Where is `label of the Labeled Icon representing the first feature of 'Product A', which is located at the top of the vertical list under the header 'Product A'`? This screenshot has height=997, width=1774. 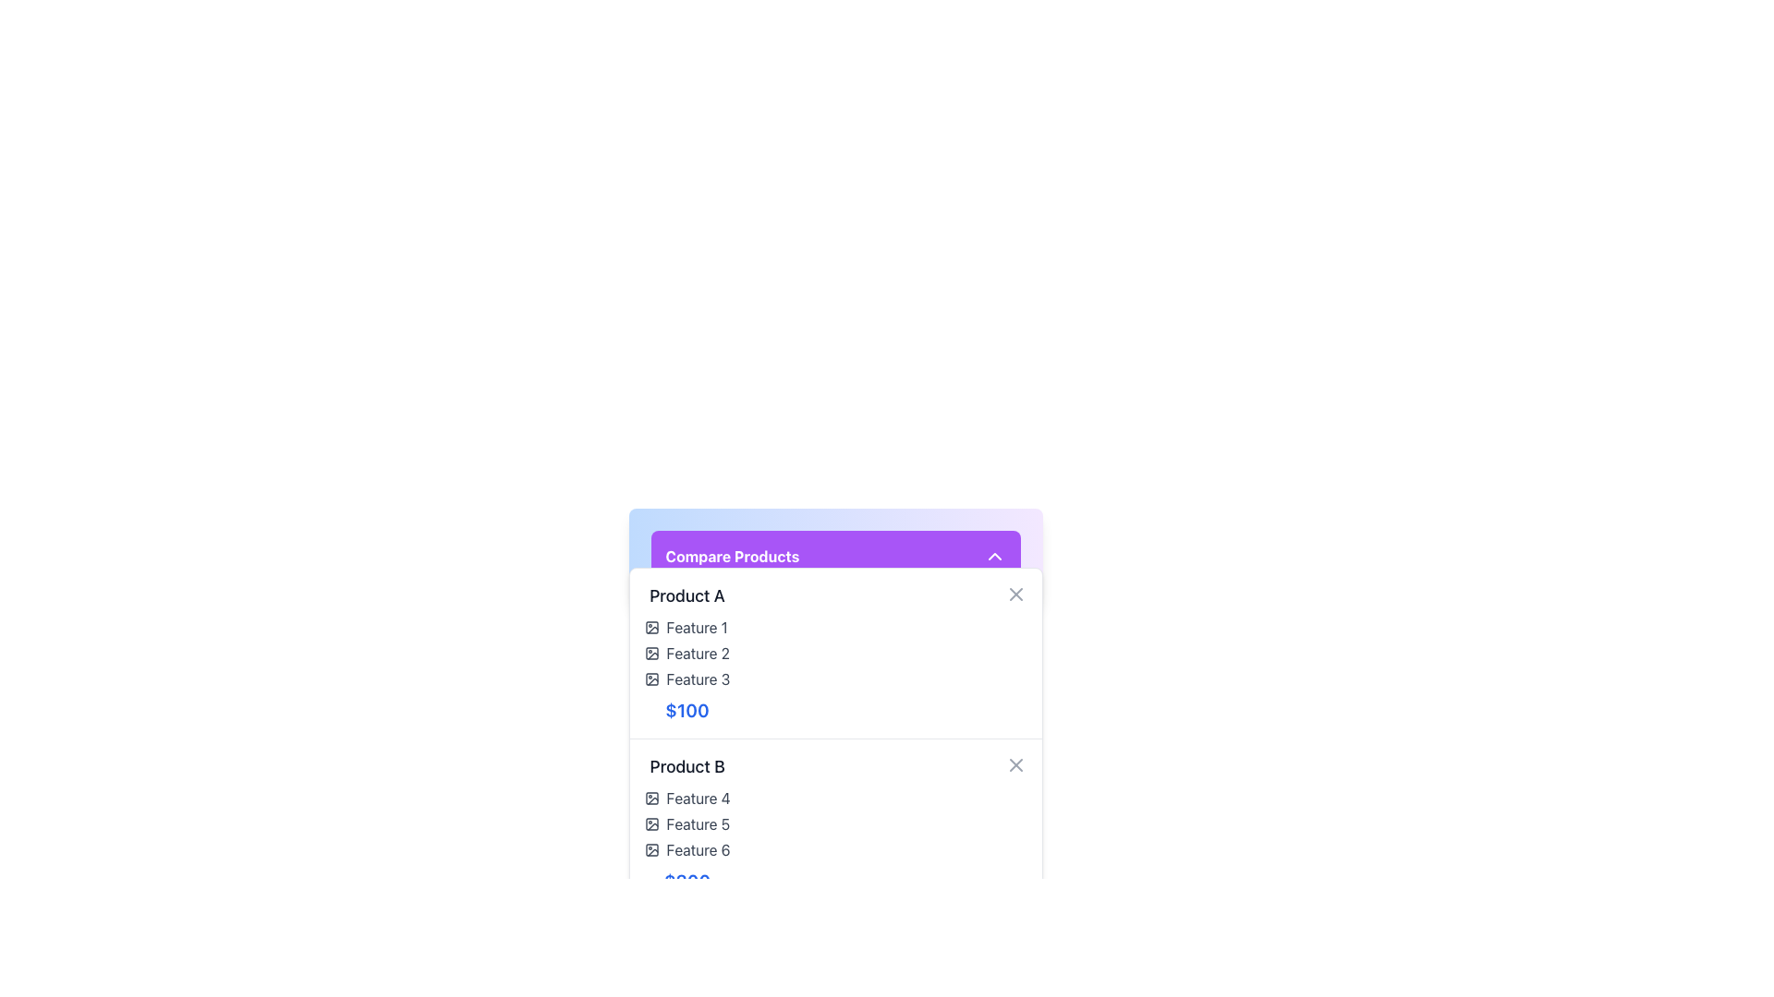 label of the Labeled Icon representing the first feature of 'Product A', which is located at the top of the vertical list under the header 'Product A' is located at coordinates (687, 626).